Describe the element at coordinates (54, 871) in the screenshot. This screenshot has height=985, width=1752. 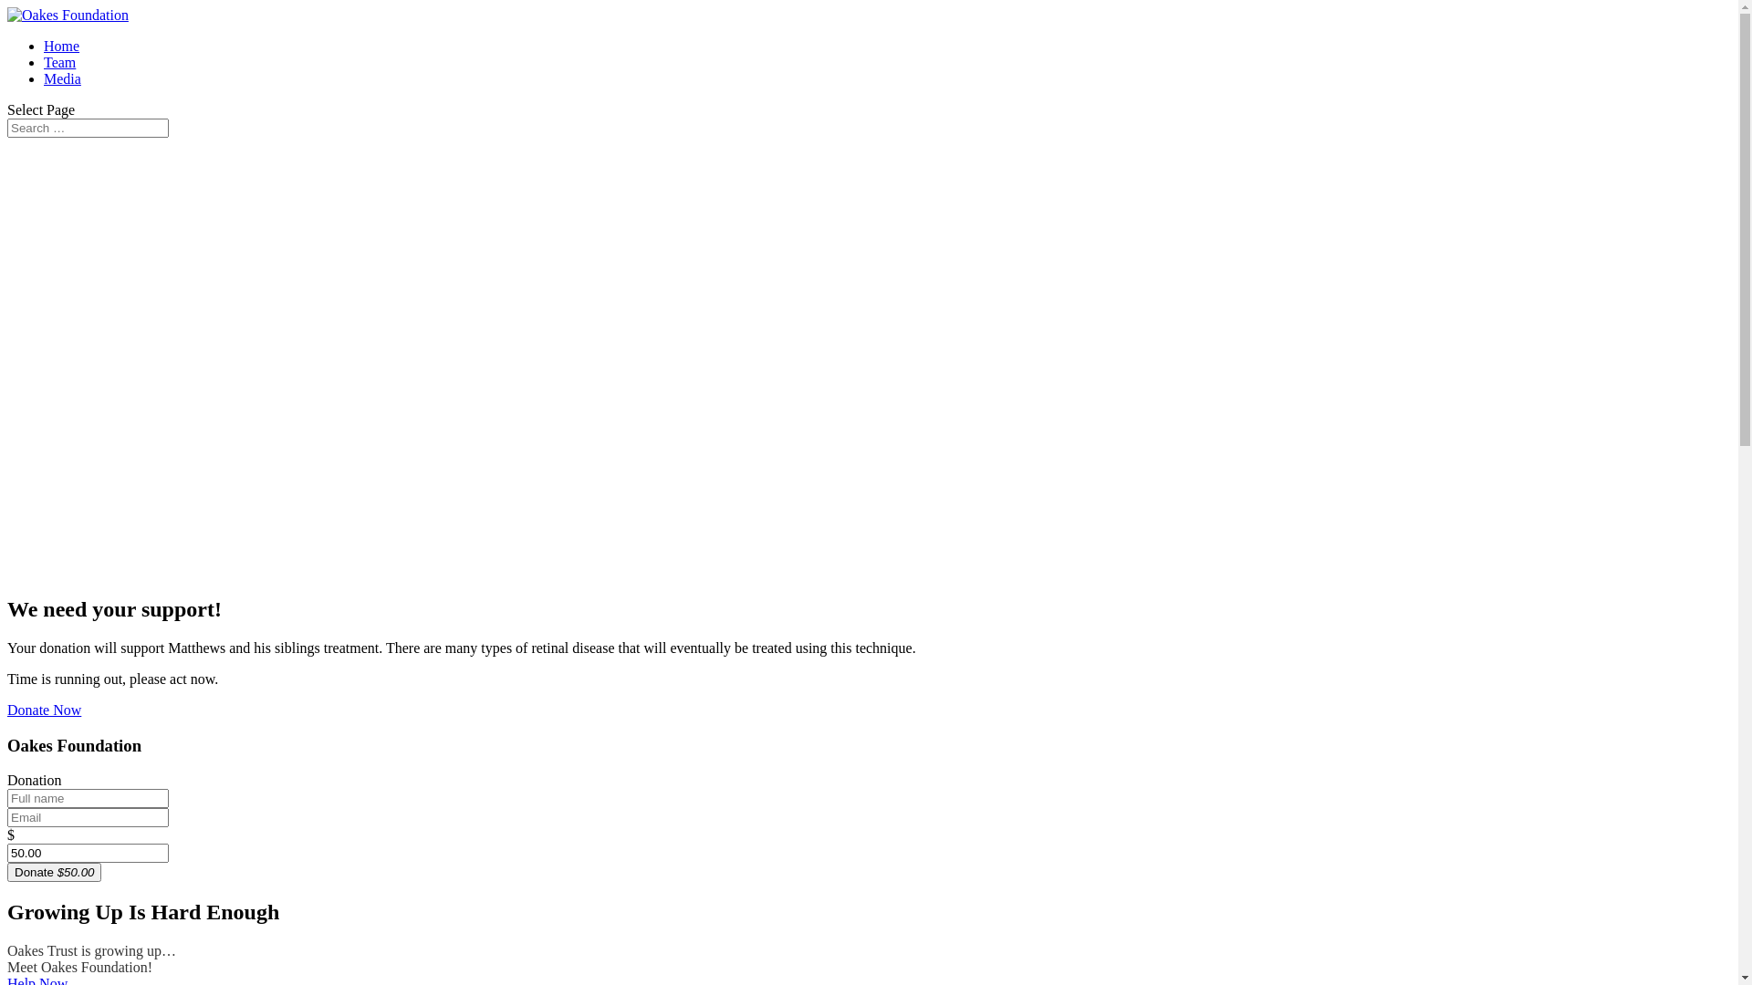
I see `'Donate $50.00'` at that location.